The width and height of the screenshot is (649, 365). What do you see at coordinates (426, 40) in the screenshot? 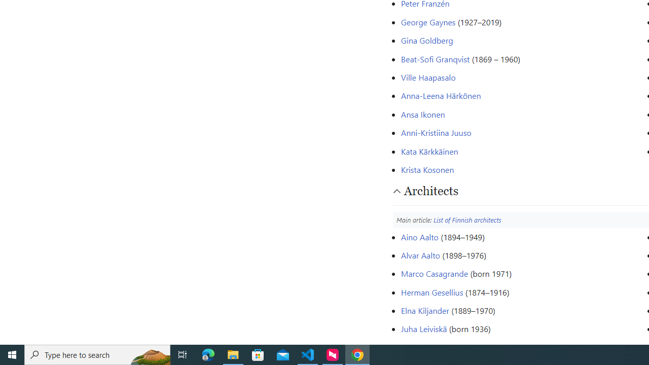
I see `'Gina Goldberg'` at bounding box center [426, 40].